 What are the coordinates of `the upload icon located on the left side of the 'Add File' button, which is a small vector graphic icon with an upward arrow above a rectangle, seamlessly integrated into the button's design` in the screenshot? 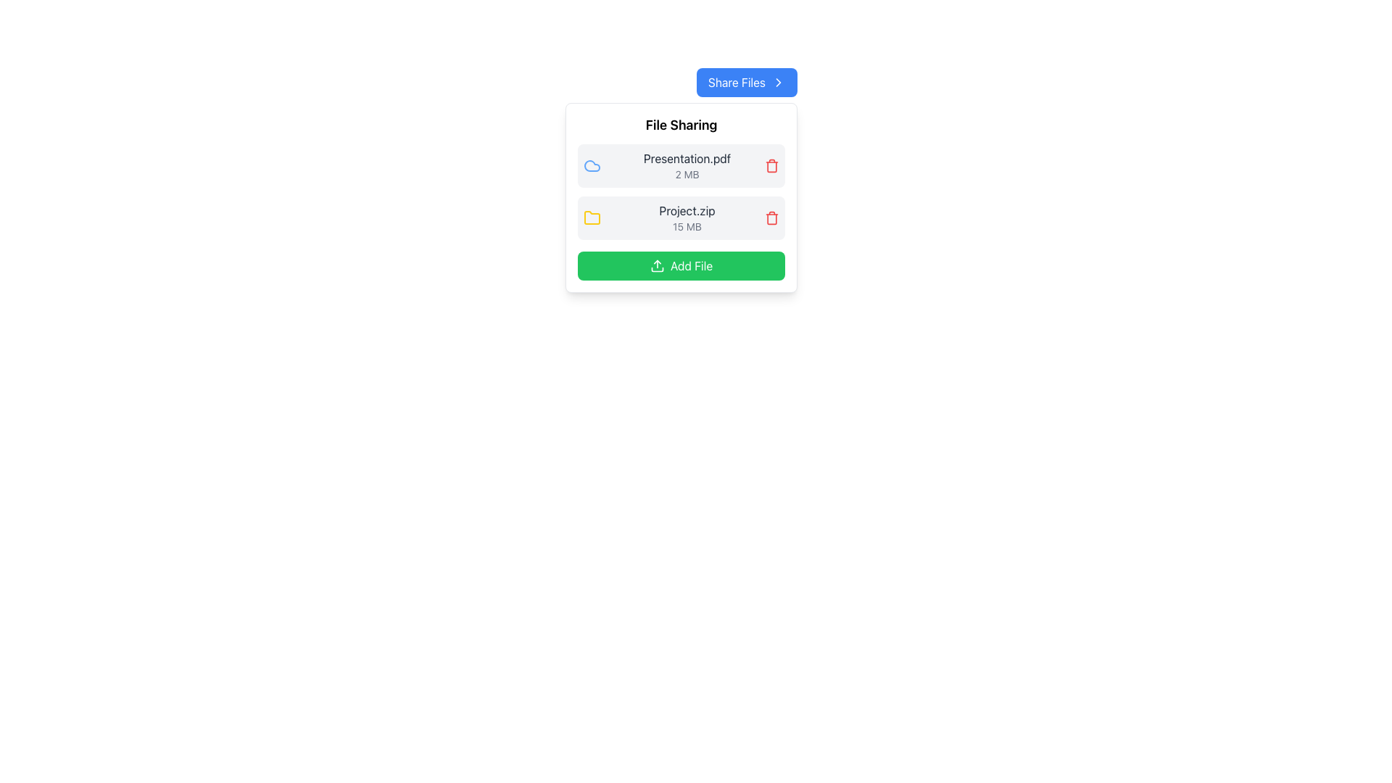 It's located at (657, 265).